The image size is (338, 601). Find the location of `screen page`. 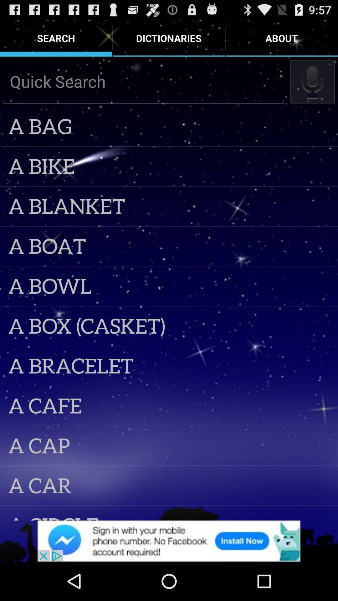

screen page is located at coordinates (169, 541).